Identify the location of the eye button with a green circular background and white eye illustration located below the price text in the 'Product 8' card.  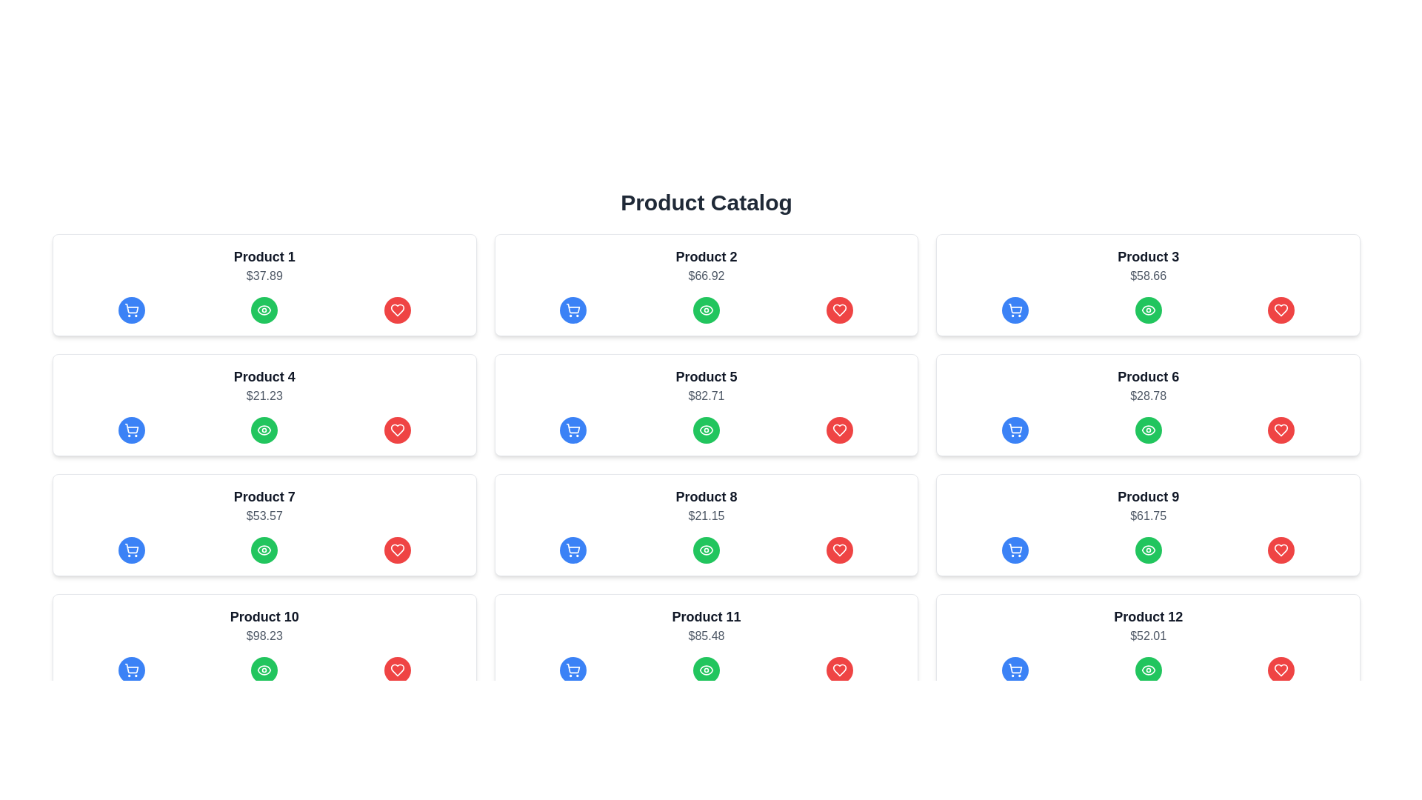
(706, 550).